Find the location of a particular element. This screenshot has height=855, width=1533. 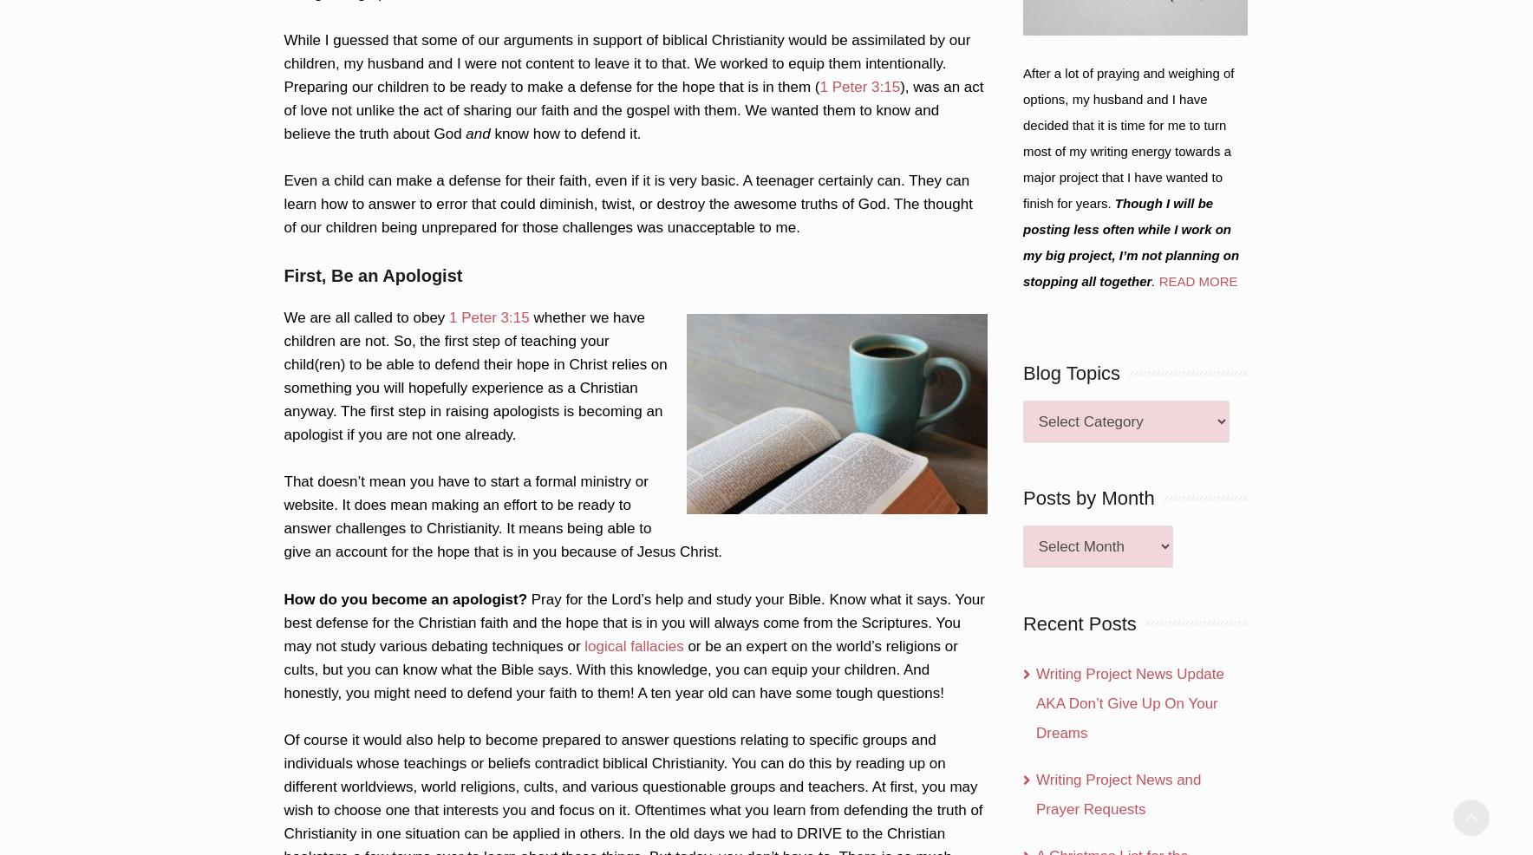

'We are all called to obey' is located at coordinates (366, 317).